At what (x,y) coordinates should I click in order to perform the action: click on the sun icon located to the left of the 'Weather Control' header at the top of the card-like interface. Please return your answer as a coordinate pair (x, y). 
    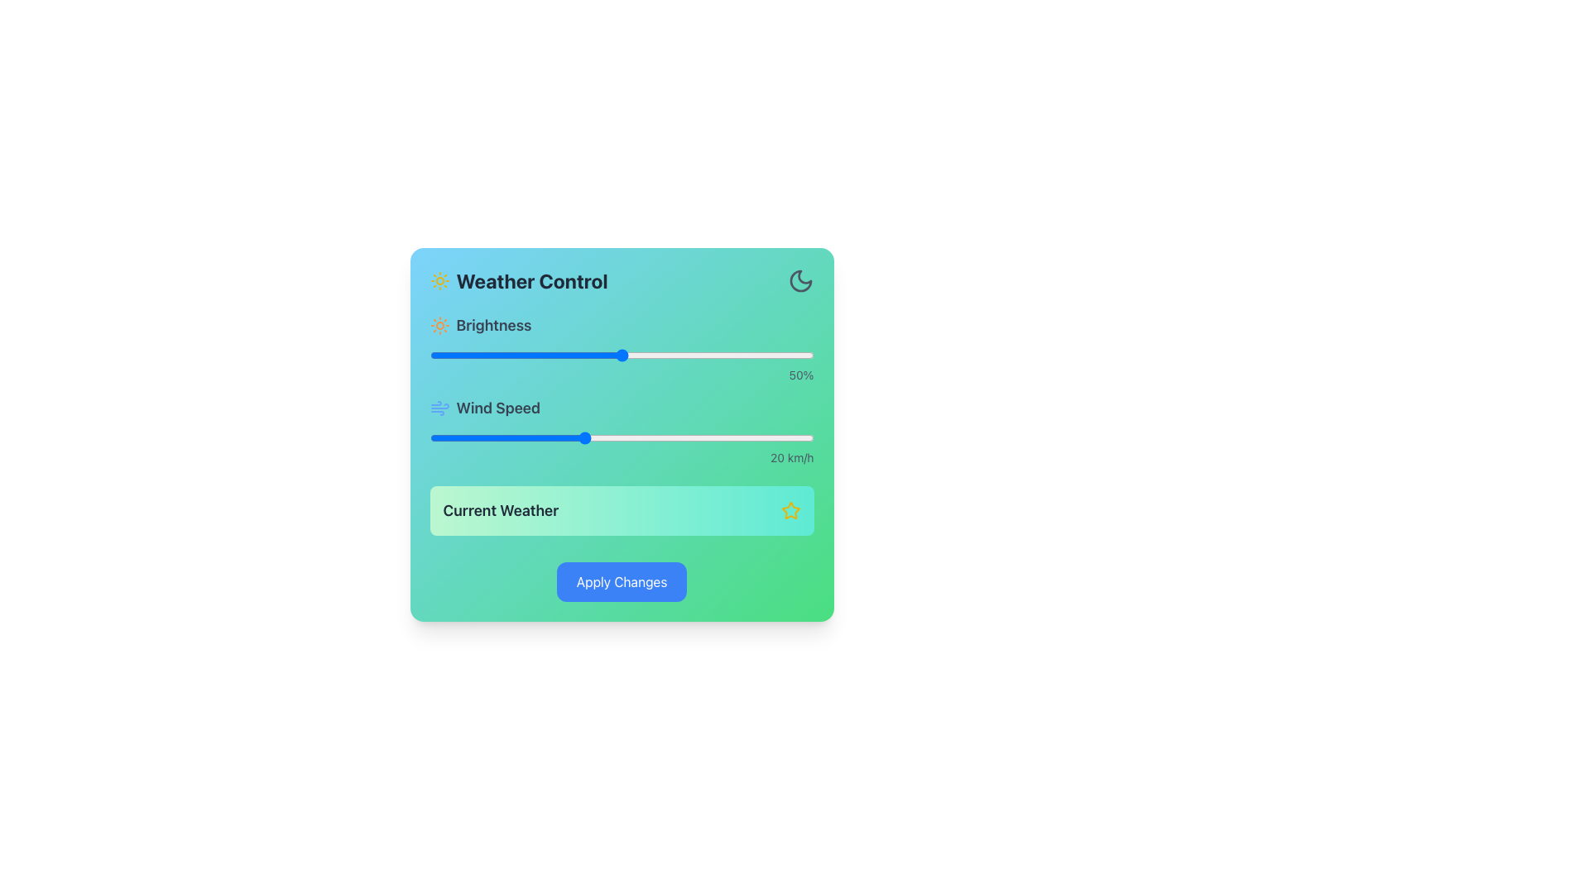
    Looking at the image, I should click on (439, 279).